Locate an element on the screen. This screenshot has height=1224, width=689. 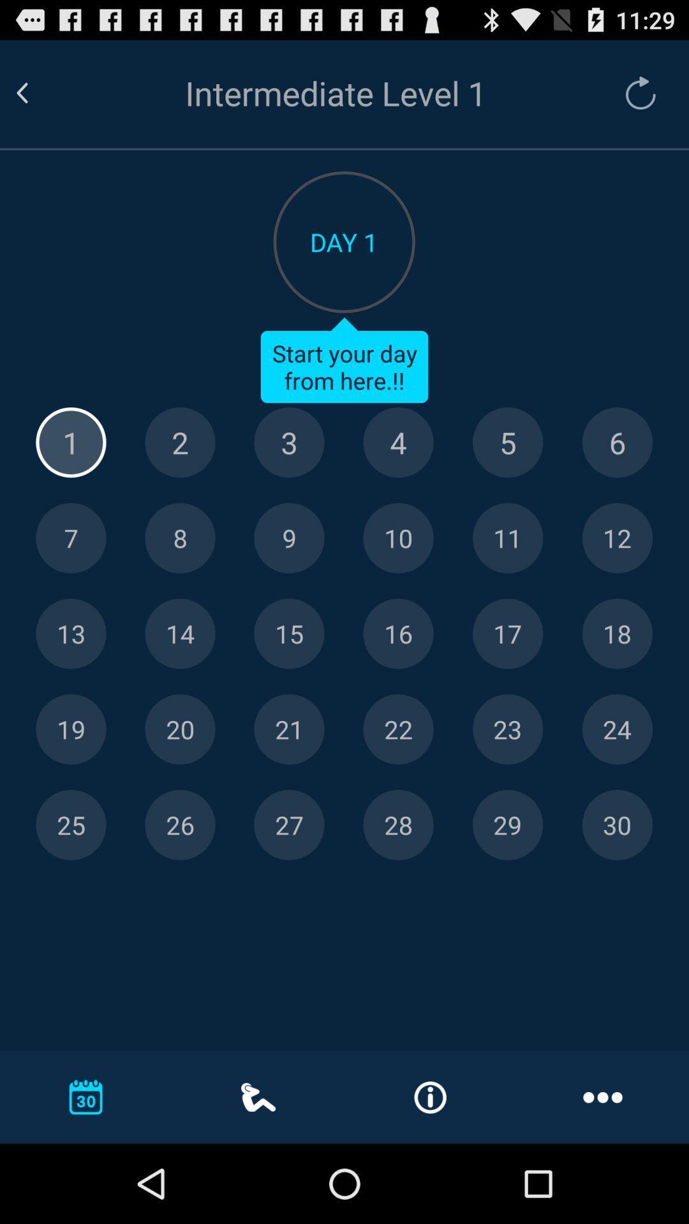
edit date data is located at coordinates (71, 729).